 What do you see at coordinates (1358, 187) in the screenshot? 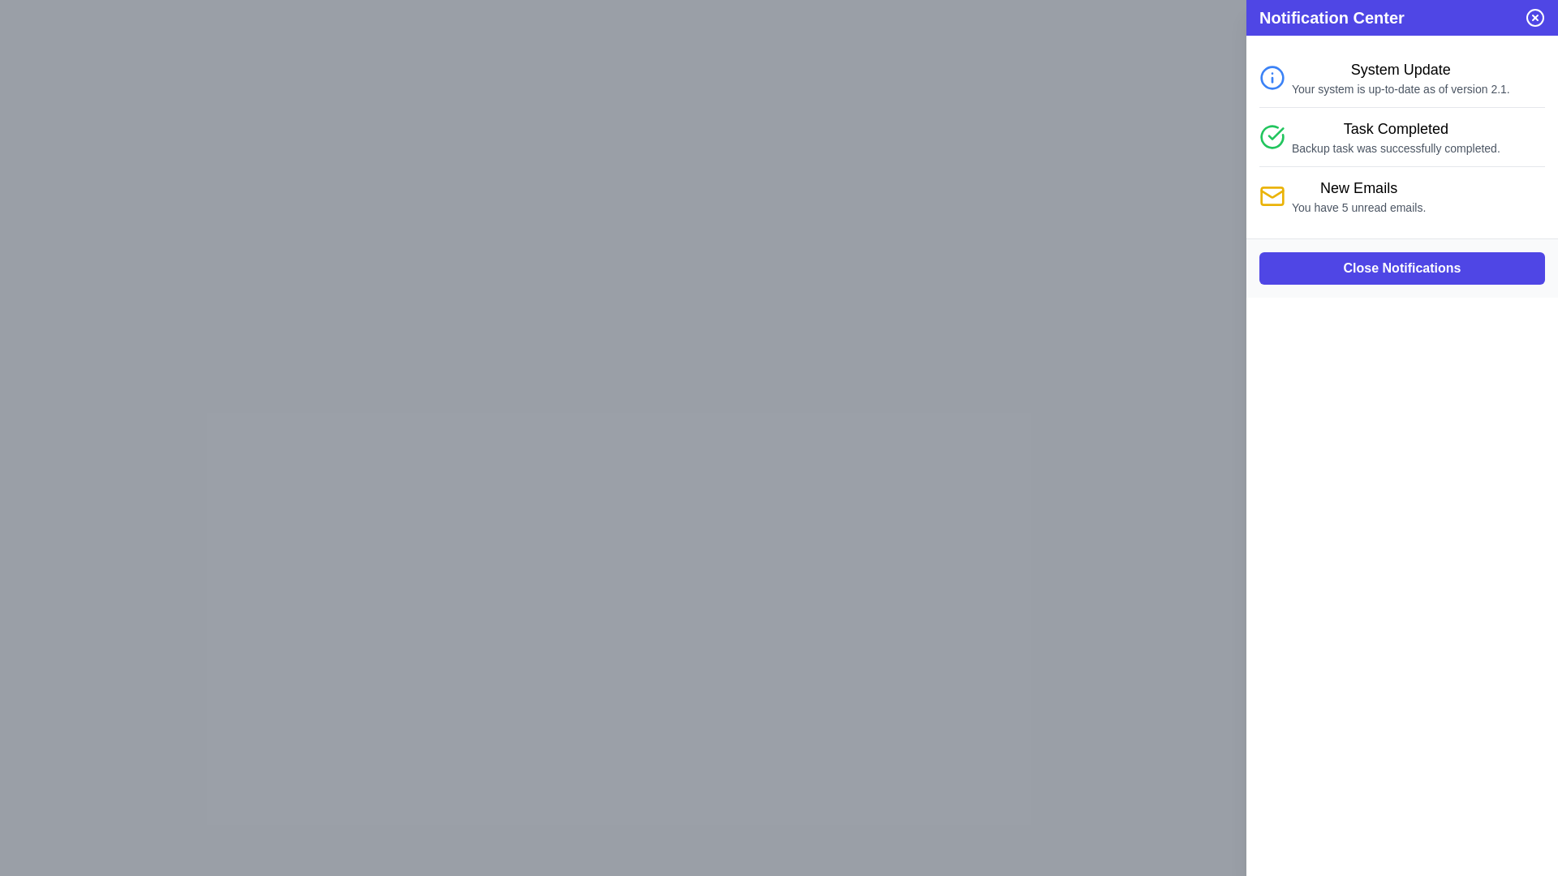
I see `the text label reading 'New Emails', which is styled with a medium font weight and large font size, located in the notification section of the interface` at bounding box center [1358, 187].